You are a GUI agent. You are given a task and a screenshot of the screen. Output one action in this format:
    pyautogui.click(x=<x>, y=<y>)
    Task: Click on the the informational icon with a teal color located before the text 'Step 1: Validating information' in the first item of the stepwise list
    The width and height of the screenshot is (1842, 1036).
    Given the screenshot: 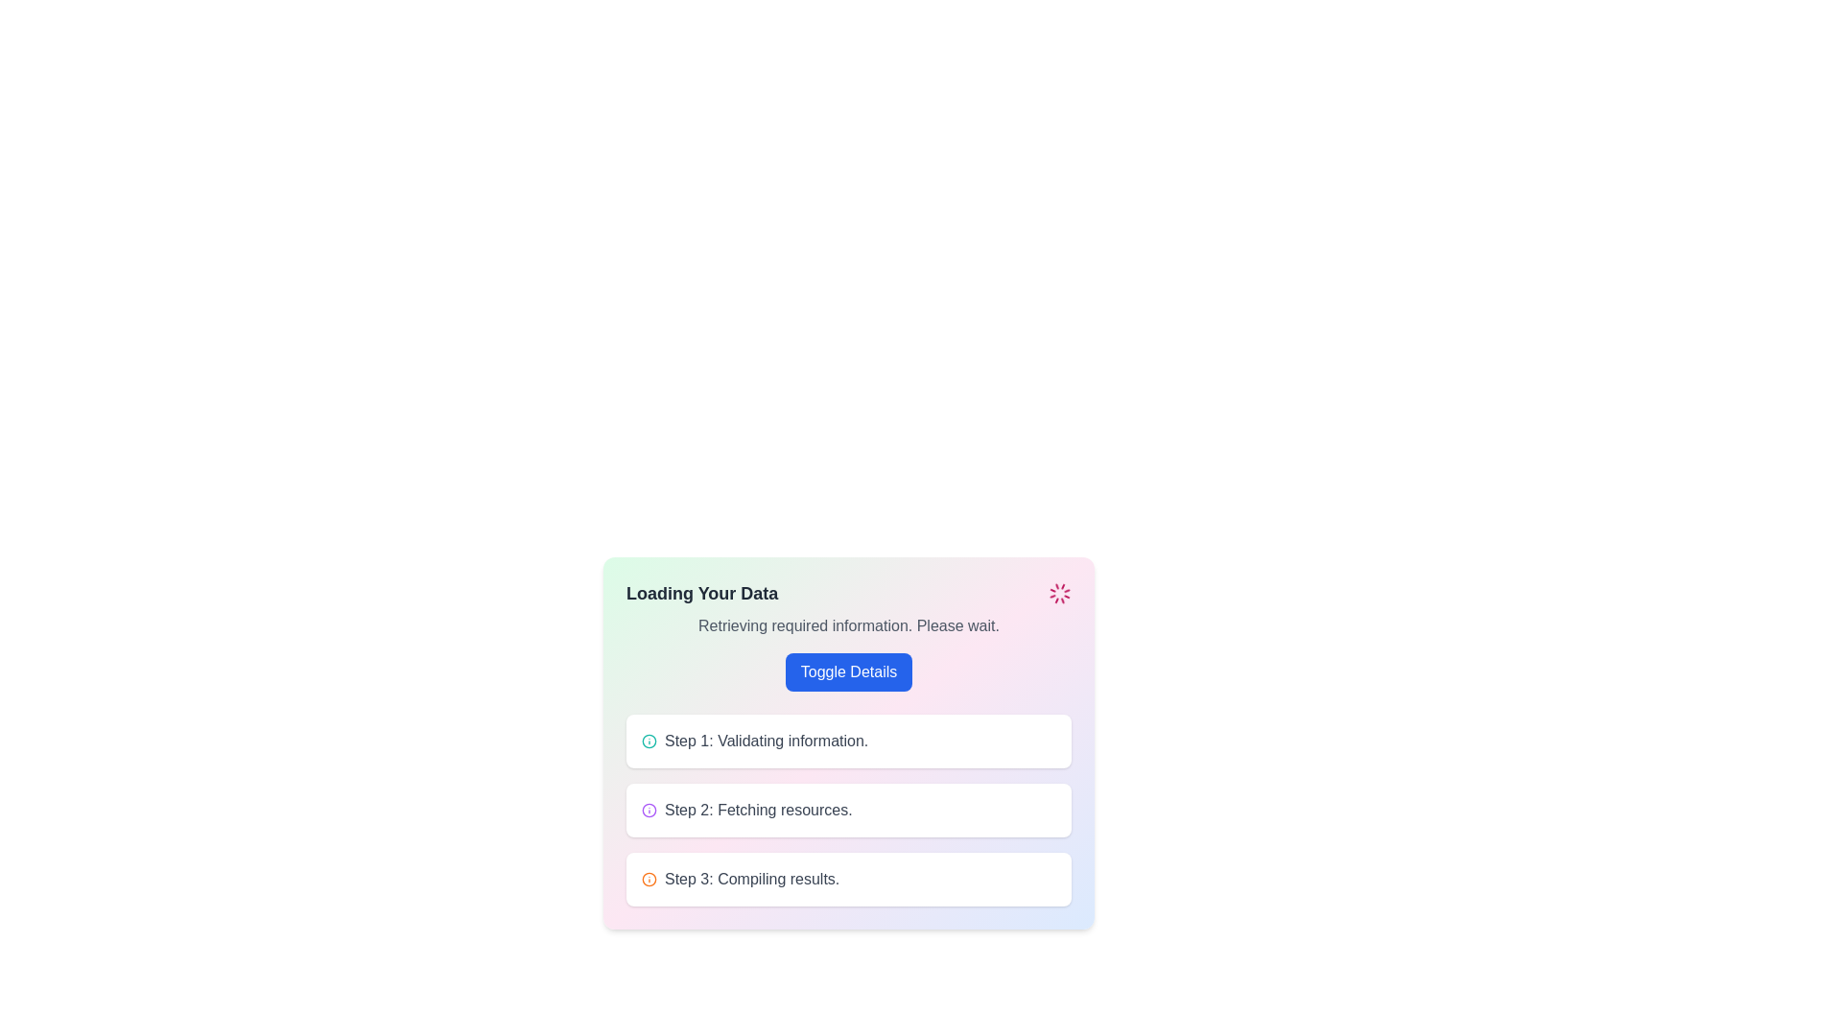 What is the action you would take?
    pyautogui.click(x=649, y=740)
    